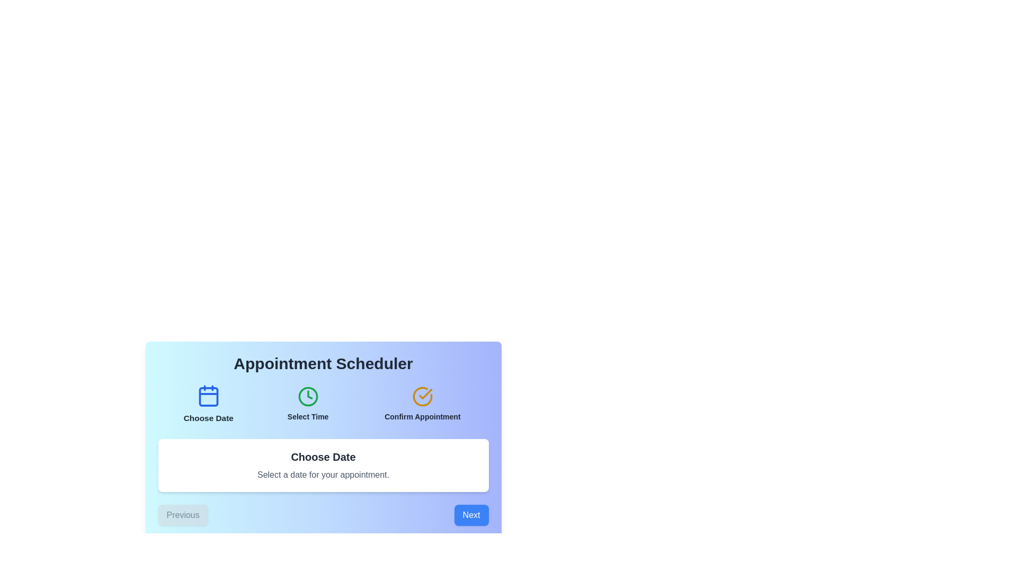  I want to click on the step button corresponding to Select Time to display its description, so click(307, 404).